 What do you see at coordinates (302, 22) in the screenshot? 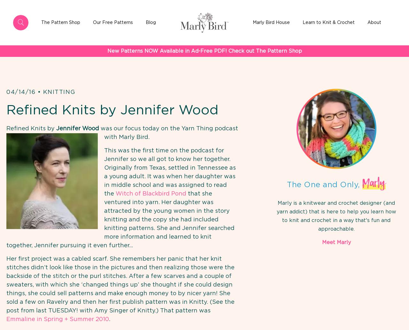
I see `'Learn to Knit & Crochet'` at bounding box center [302, 22].